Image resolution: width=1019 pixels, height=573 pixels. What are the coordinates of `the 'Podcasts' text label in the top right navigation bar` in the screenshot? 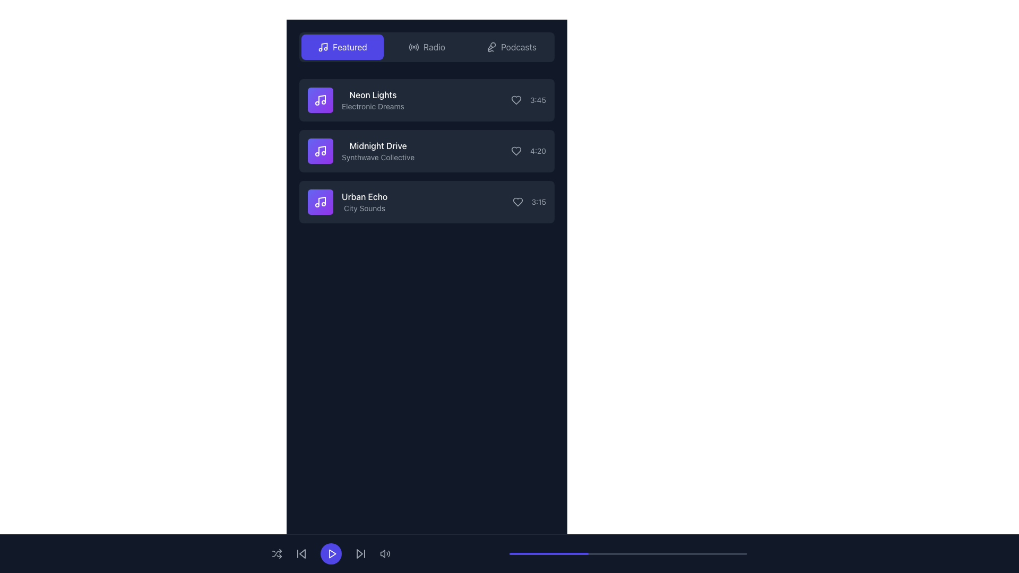 It's located at (519, 46).